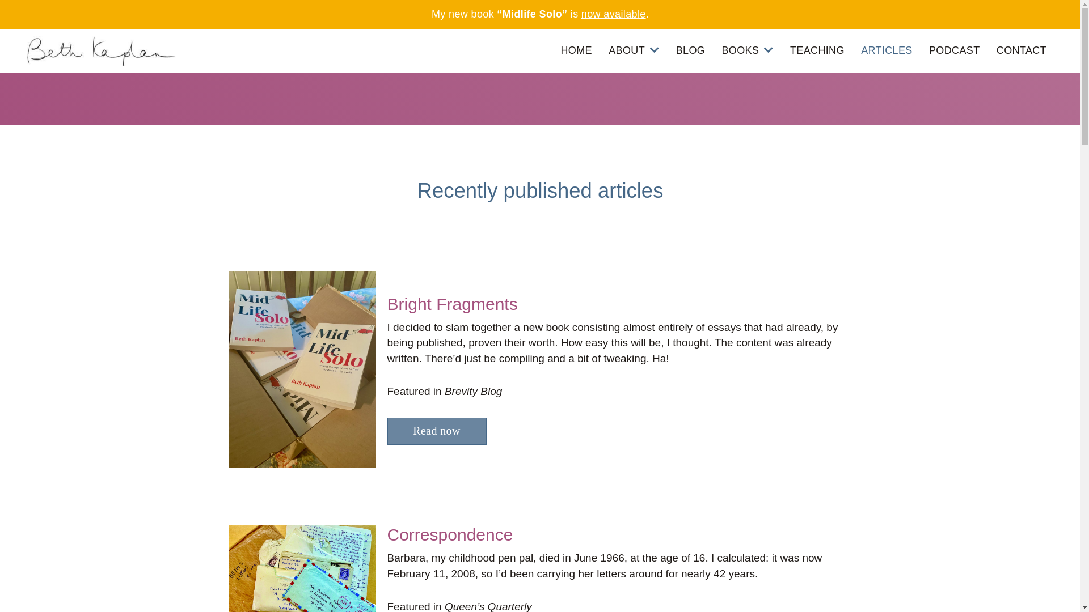 The height and width of the screenshot is (612, 1089). Describe the element at coordinates (633, 50) in the screenshot. I see `'ABOUT'` at that location.